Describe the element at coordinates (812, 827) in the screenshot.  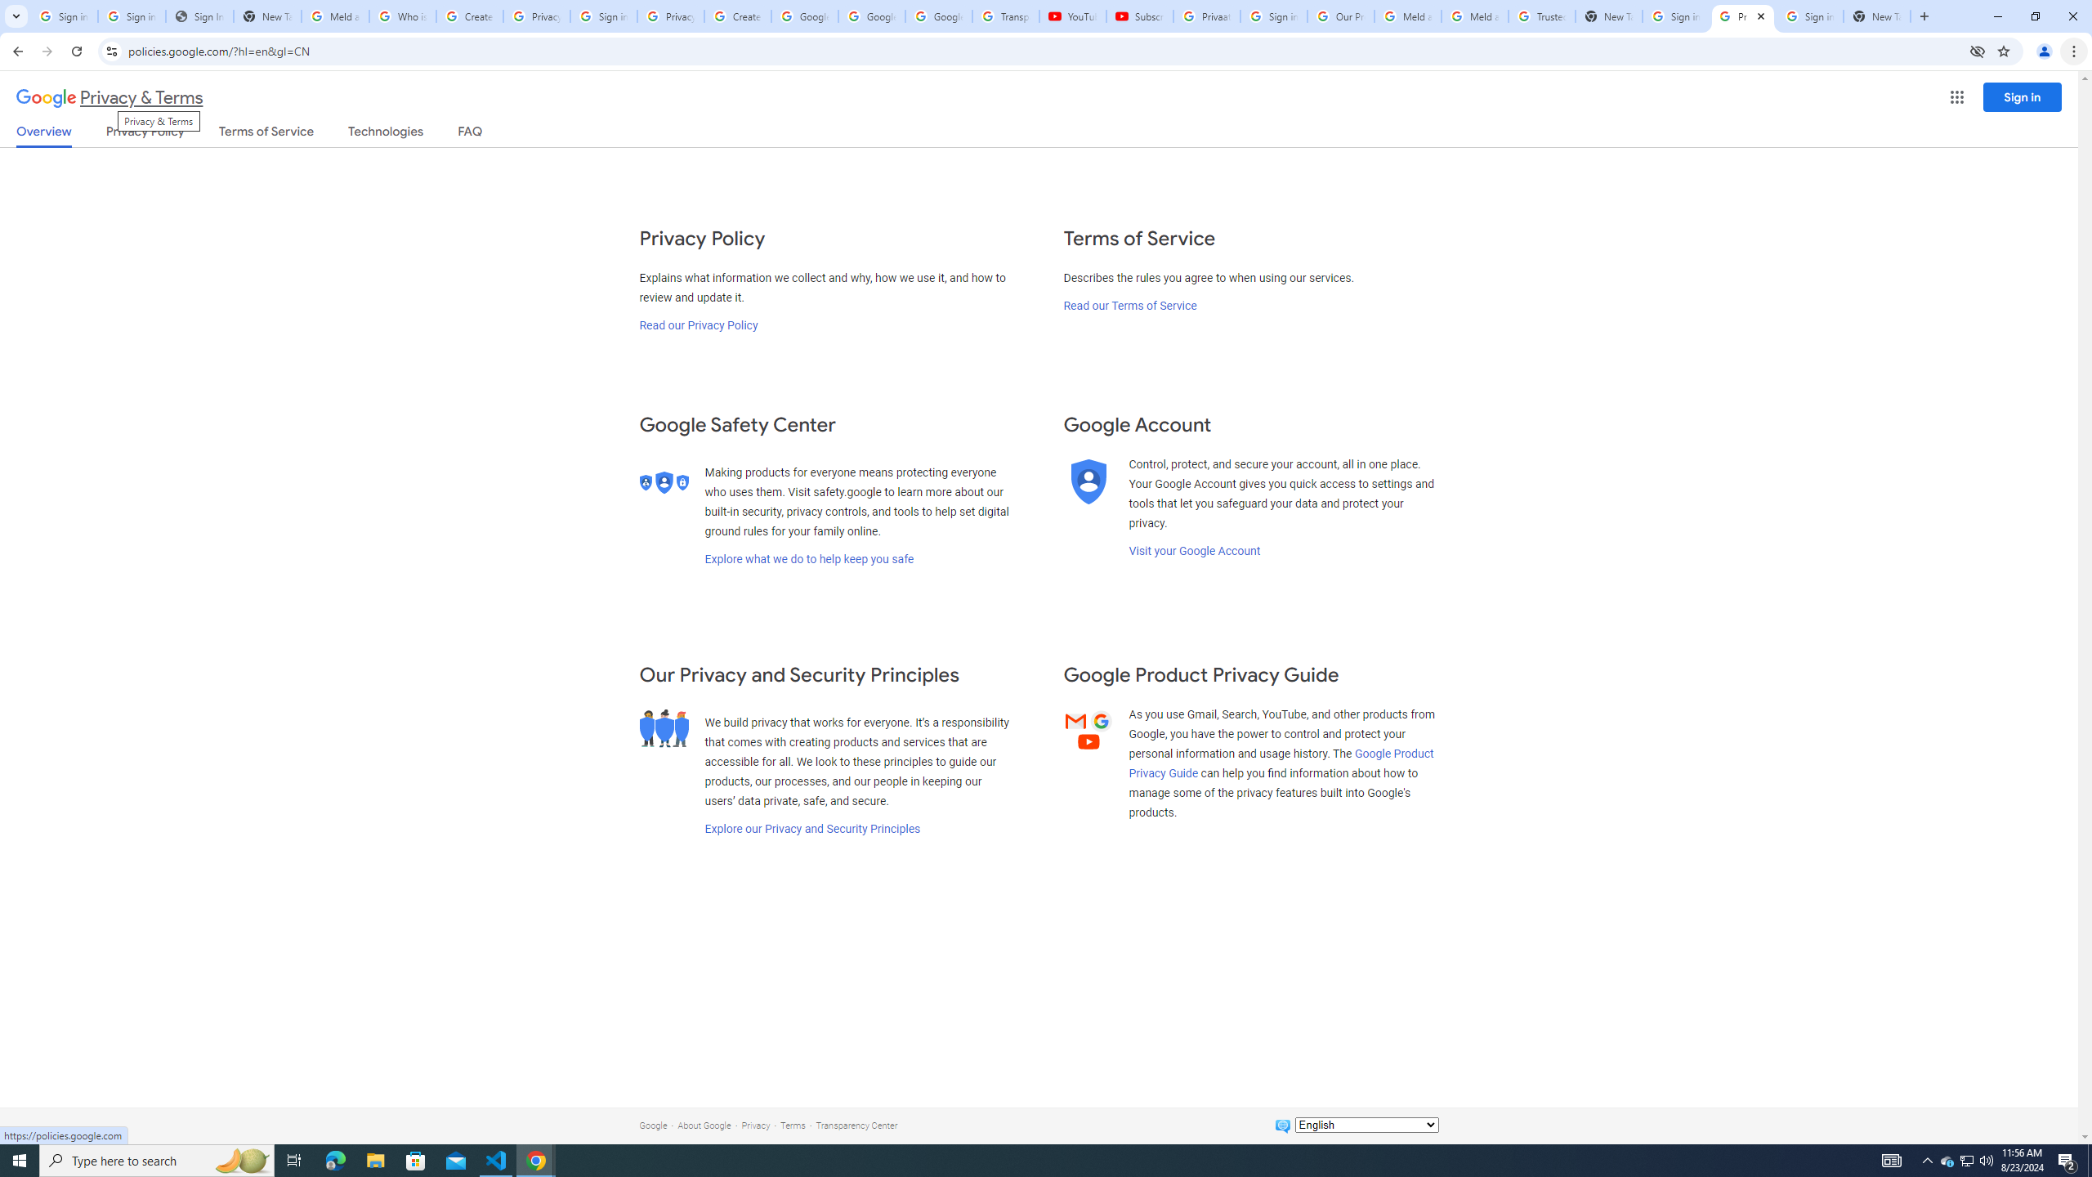
I see `'Explore our Privacy and Security Principles'` at that location.